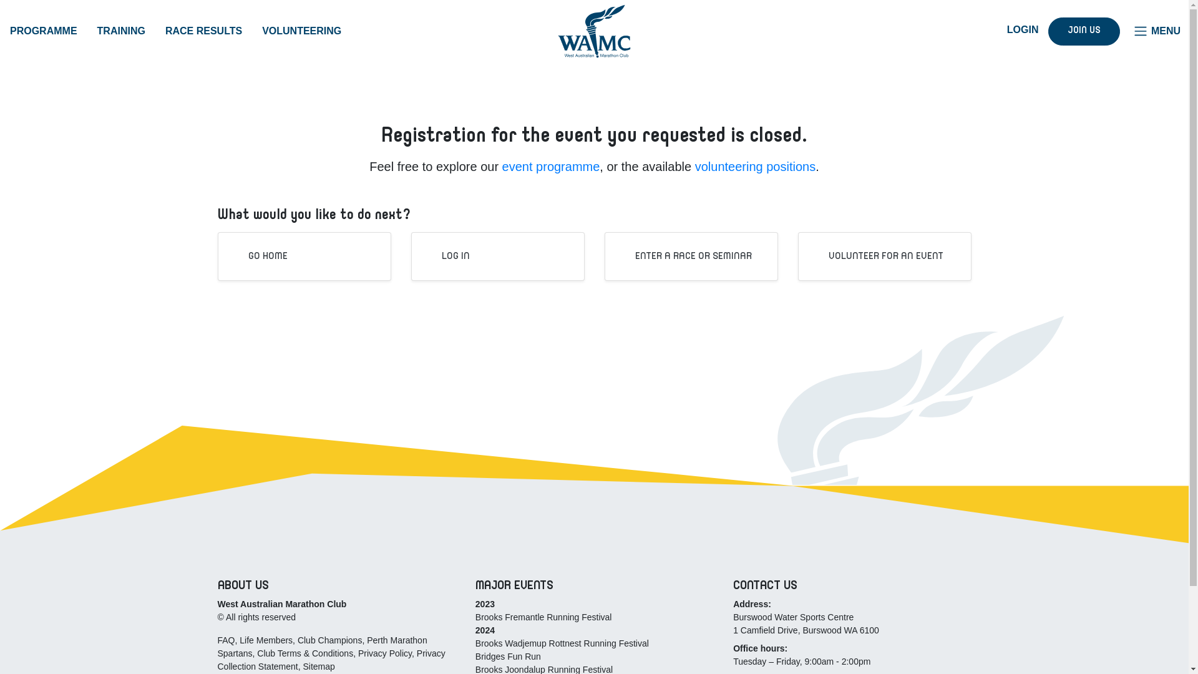 The width and height of the screenshot is (1198, 674). I want to click on 'event programme', so click(550, 165).